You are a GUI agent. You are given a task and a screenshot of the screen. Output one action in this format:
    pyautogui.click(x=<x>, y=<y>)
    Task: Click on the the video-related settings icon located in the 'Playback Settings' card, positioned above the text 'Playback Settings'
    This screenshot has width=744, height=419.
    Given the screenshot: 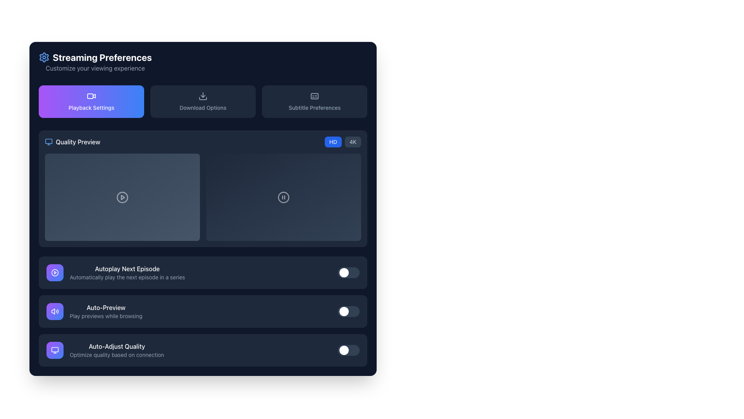 What is the action you would take?
    pyautogui.click(x=91, y=95)
    